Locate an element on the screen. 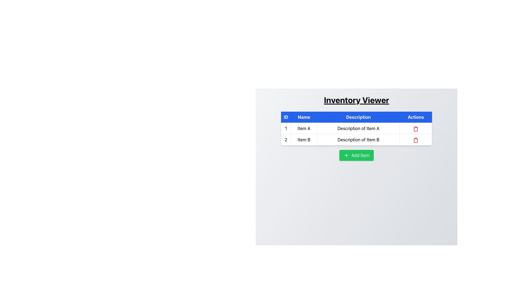  the delete button located in the second row of the 'Actions' column of the 'Inventory Viewer' table is located at coordinates (416, 129).